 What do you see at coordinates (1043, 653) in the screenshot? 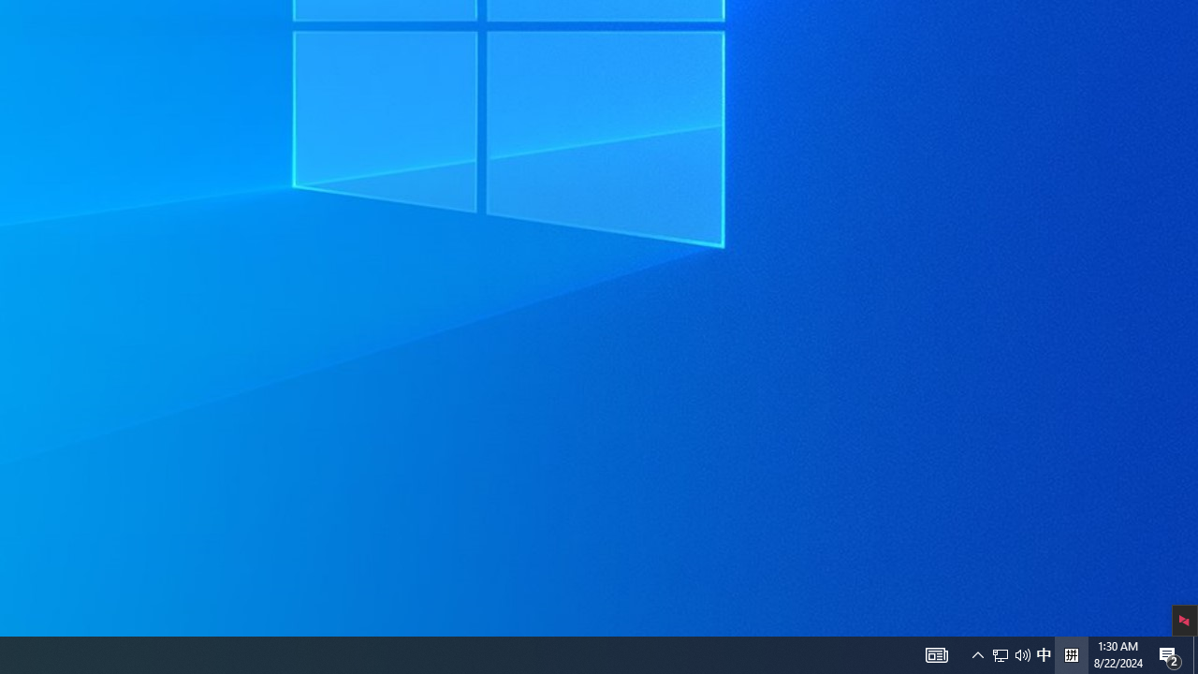
I see `'Tray Input Indicator - Chinese (Simplified, China)'` at bounding box center [1043, 653].